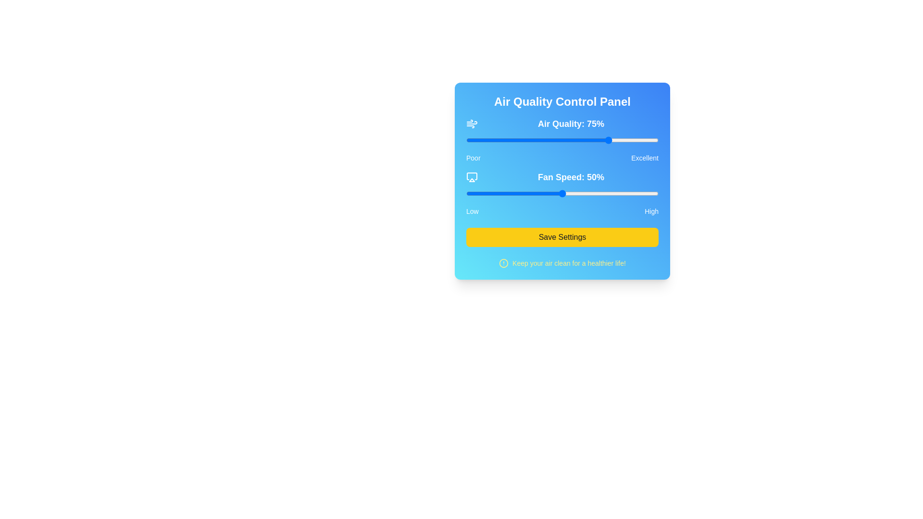  What do you see at coordinates (503, 263) in the screenshot?
I see `the icon located in the lower-central region of the interface, to the left of the message 'Keep your air clean for a healthier life!', which serves as a visual alert for the accompanying message` at bounding box center [503, 263].